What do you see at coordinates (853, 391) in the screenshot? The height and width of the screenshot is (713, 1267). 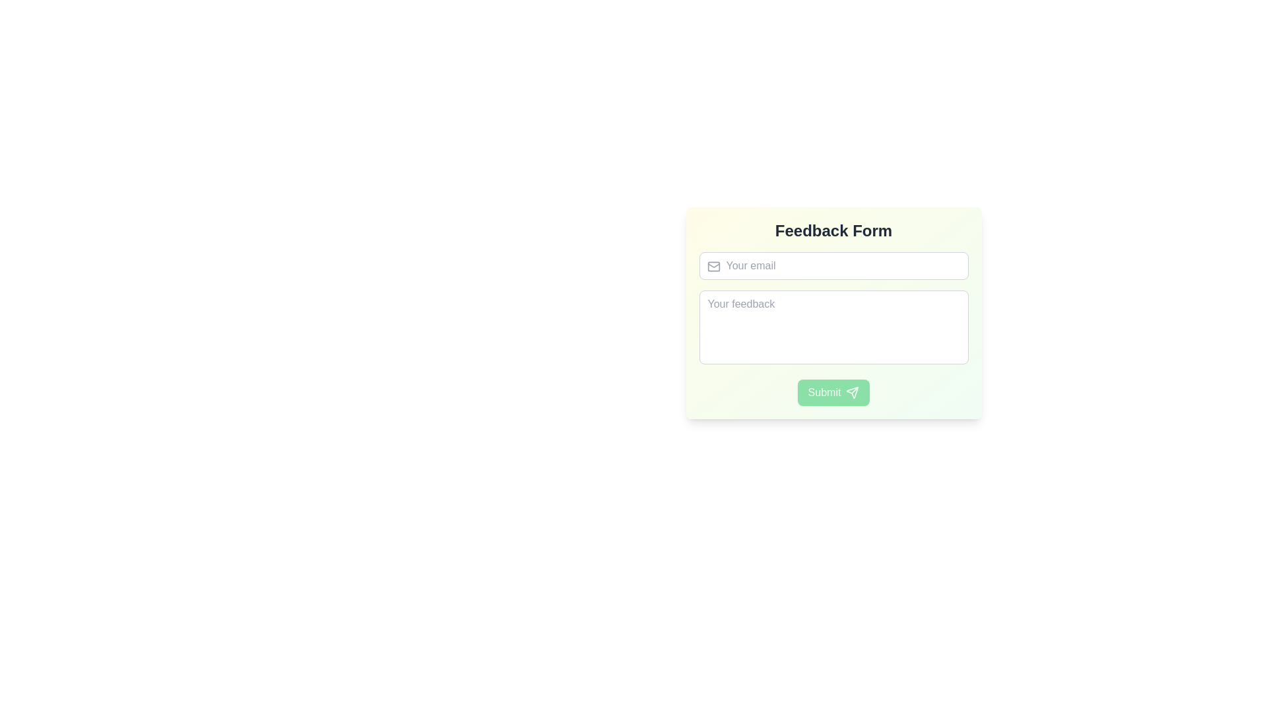 I see `the upward arrow icon located on the right side of the 'Submit' button` at bounding box center [853, 391].